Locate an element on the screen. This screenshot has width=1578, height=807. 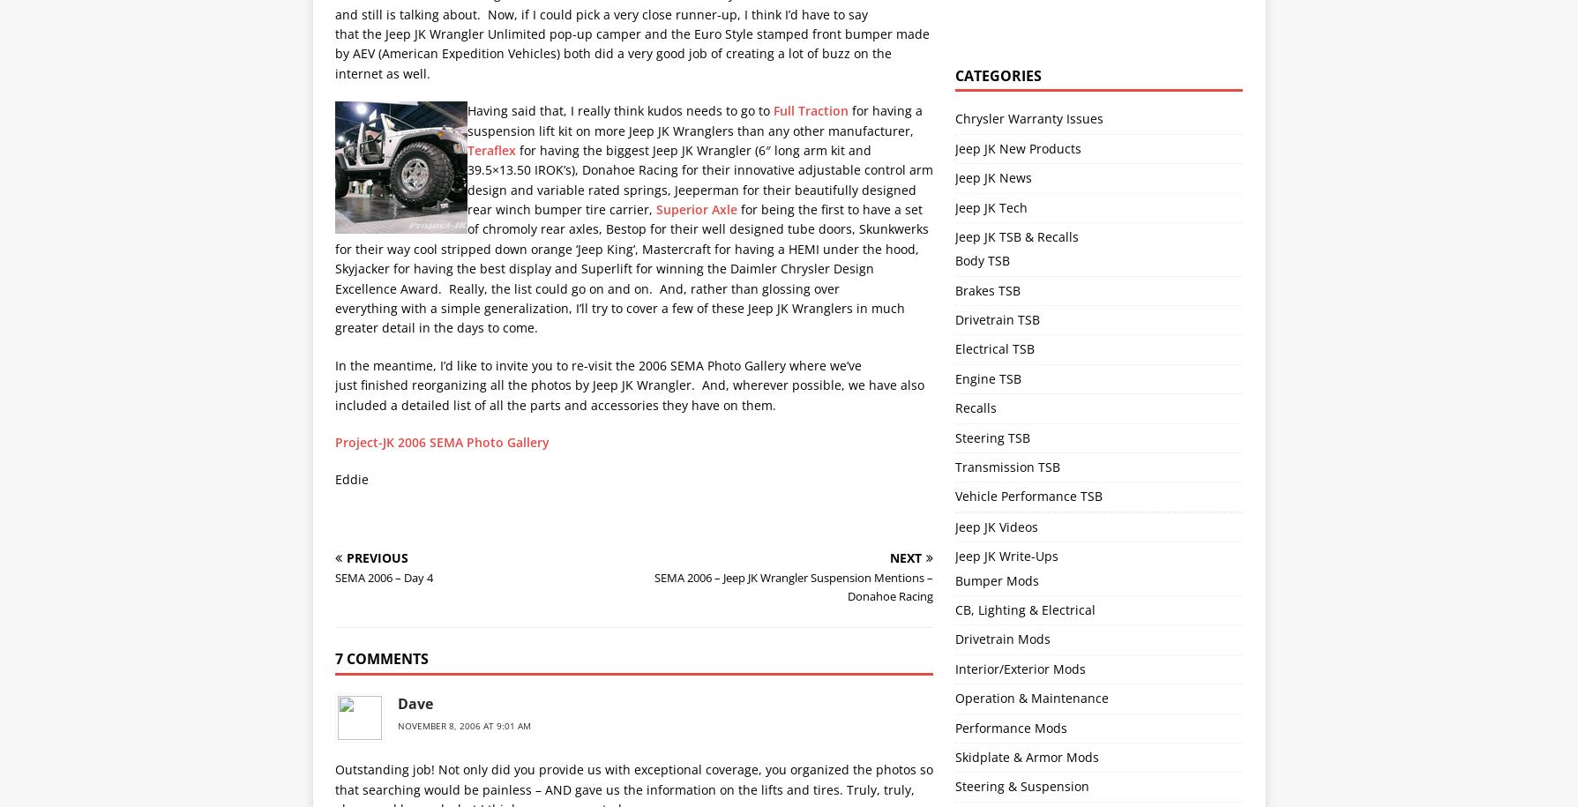
'Operation & Maintenance' is located at coordinates (1031, 697).